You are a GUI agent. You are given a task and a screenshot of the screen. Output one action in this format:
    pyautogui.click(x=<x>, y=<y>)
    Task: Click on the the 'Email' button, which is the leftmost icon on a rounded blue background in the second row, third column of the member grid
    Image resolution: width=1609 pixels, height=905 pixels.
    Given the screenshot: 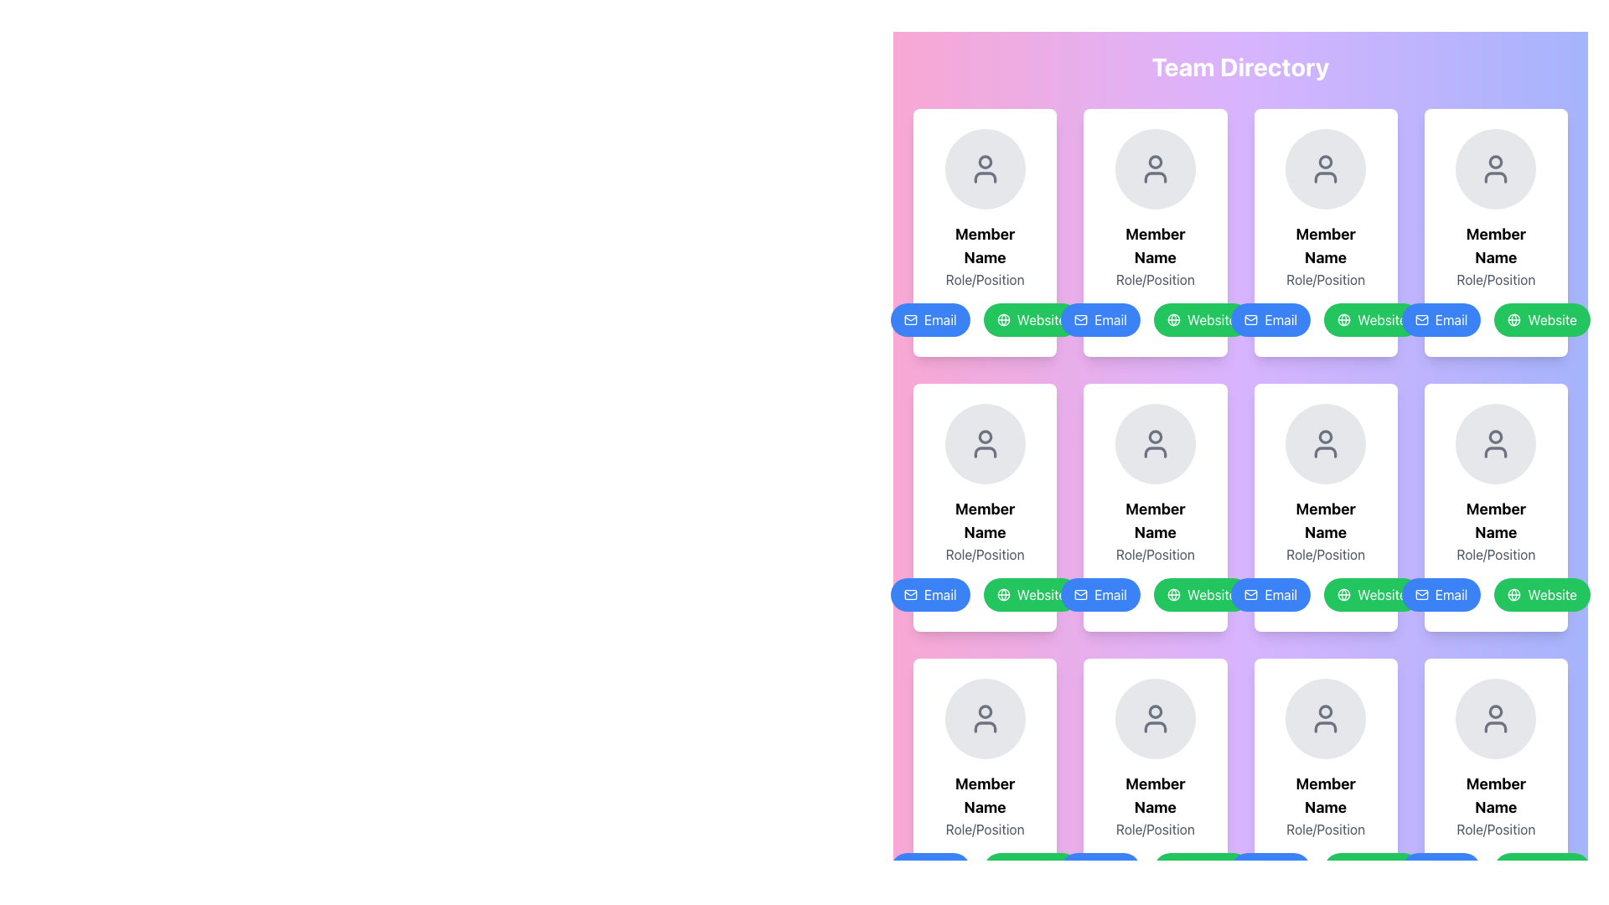 What is the action you would take?
    pyautogui.click(x=1251, y=593)
    